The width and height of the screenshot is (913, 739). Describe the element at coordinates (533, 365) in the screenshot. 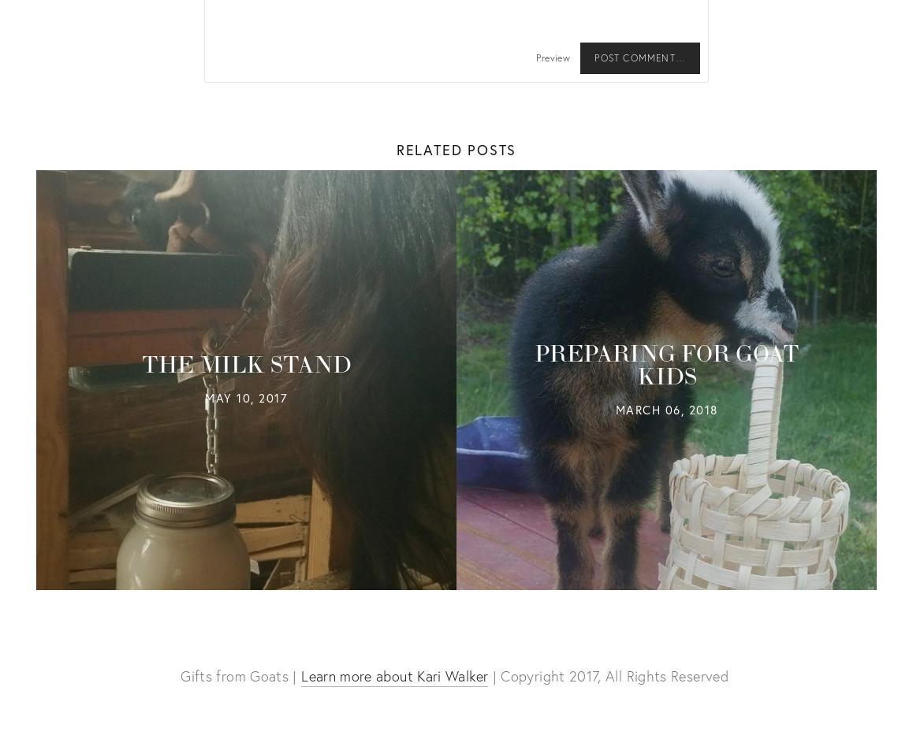

I see `'Preparing for Goat Kids'` at that location.